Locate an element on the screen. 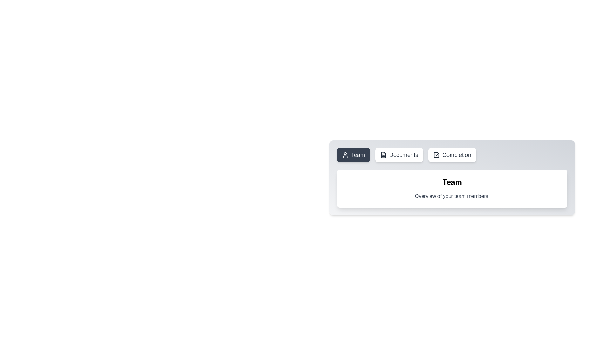 Image resolution: width=610 pixels, height=343 pixels. the middle button labeled 'Documents' is located at coordinates (399, 155).